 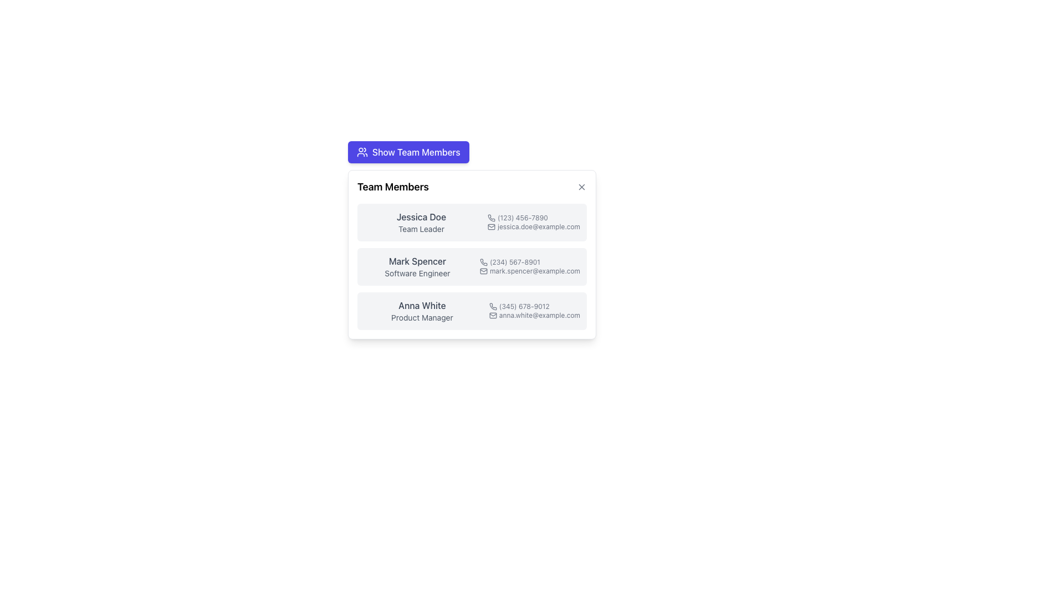 I want to click on the 'Show Team Members' button, which is a rectangular button with rounded corners and a vibrant indigo background, so click(x=408, y=152).